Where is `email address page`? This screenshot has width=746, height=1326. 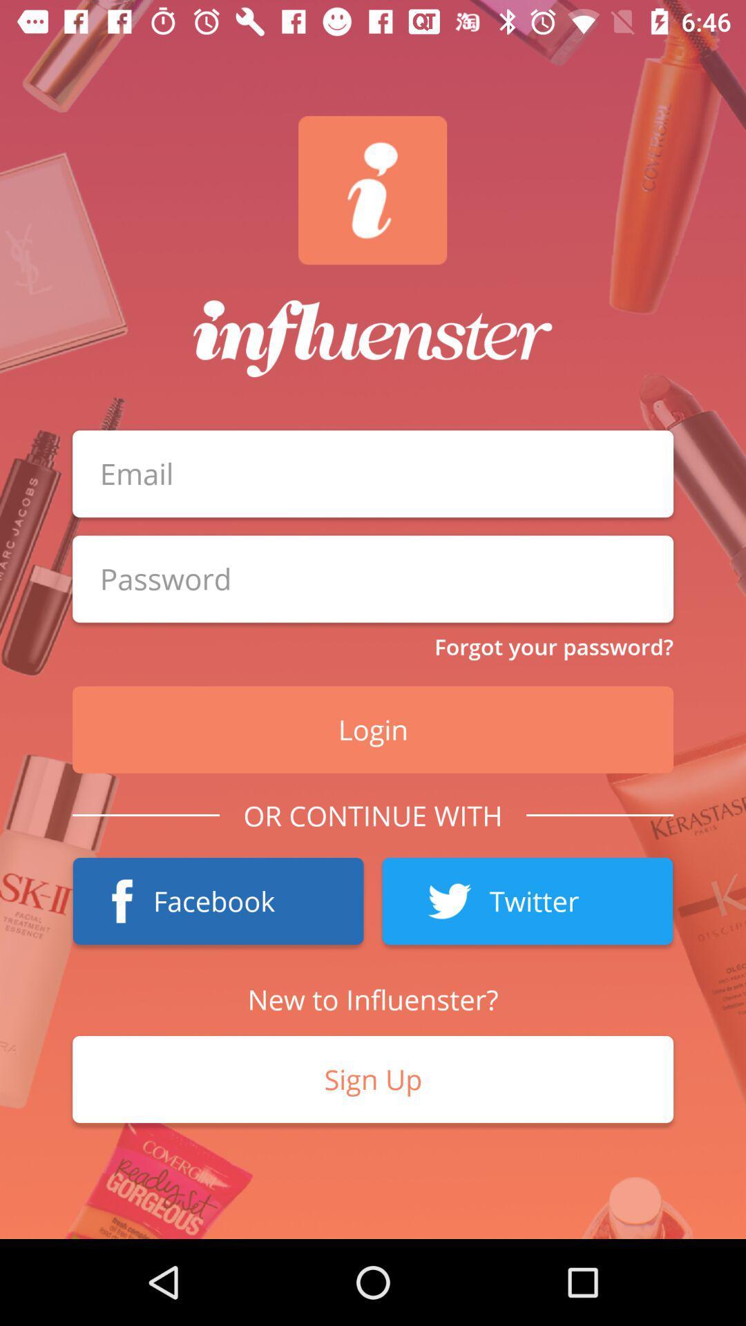 email address page is located at coordinates (373, 579).